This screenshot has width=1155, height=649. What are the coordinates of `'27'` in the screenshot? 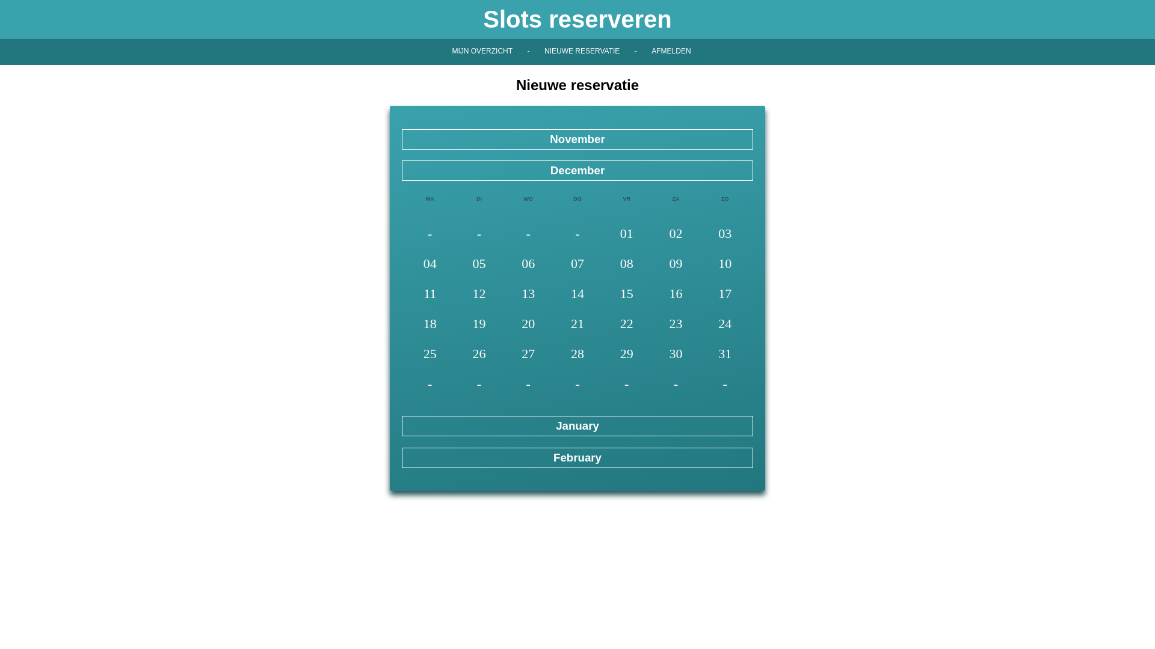 It's located at (528, 354).